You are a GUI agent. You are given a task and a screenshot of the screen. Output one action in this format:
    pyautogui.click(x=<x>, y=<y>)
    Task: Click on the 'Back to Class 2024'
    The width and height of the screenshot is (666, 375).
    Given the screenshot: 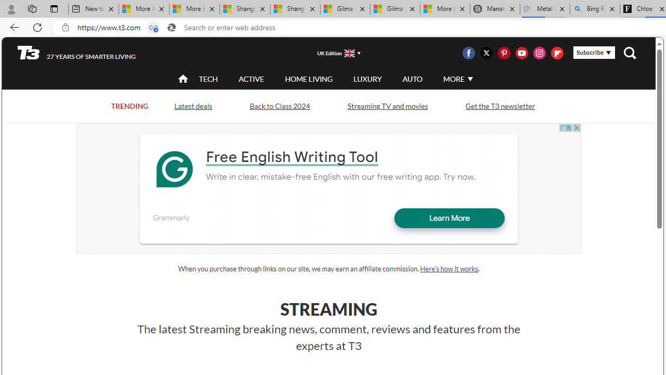 What is the action you would take?
    pyautogui.click(x=279, y=106)
    